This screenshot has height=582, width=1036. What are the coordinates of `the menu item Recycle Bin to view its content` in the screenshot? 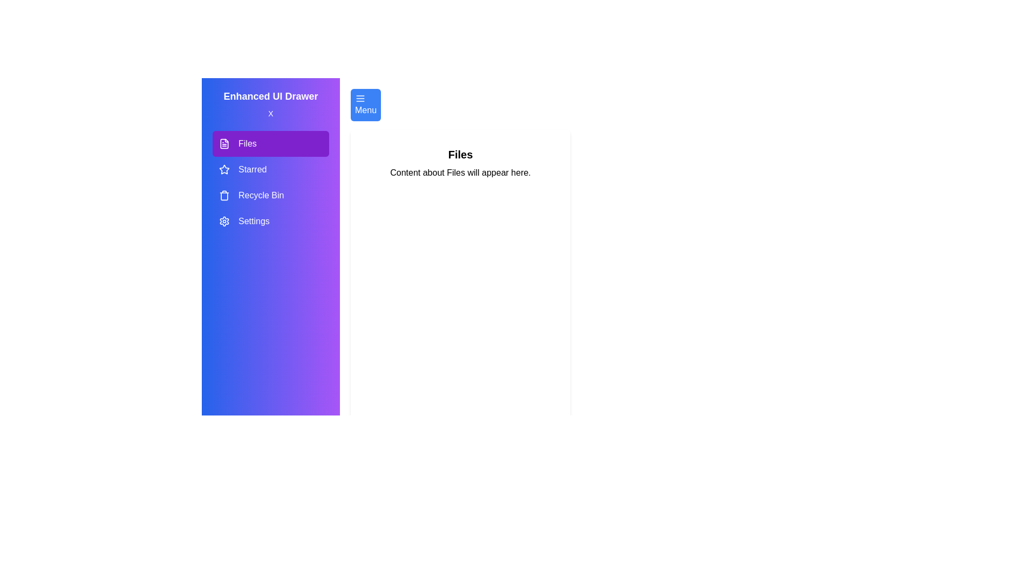 It's located at (271, 195).